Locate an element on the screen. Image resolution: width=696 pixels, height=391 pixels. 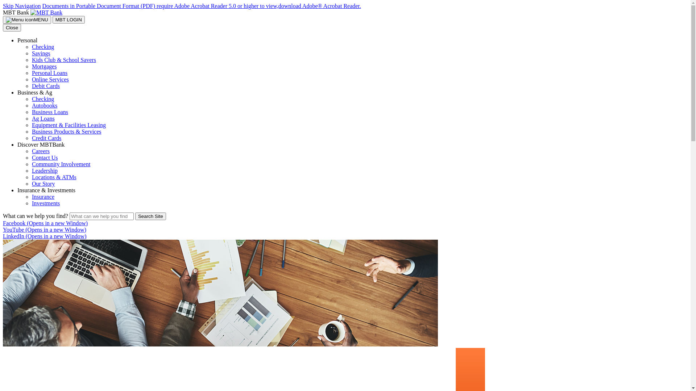
'Business Loans' is located at coordinates (50, 112).